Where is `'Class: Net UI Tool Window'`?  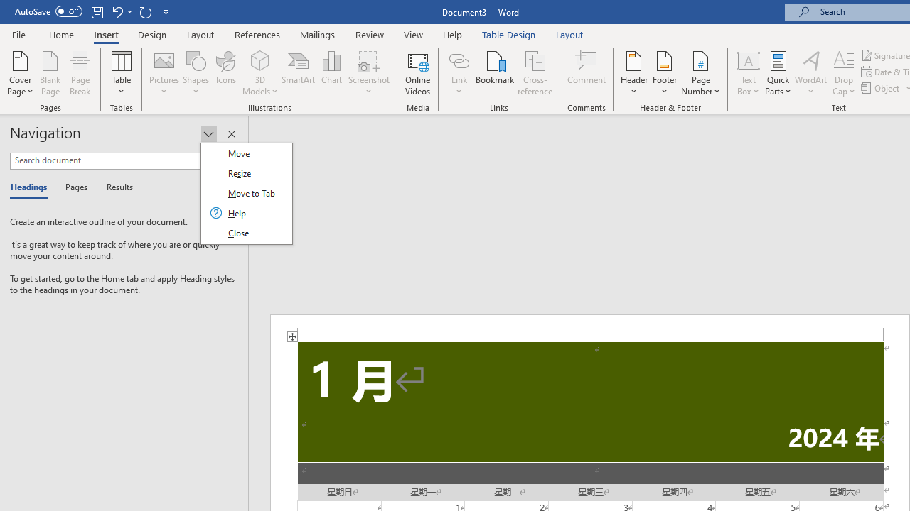 'Class: Net UI Tool Window' is located at coordinates (246, 193).